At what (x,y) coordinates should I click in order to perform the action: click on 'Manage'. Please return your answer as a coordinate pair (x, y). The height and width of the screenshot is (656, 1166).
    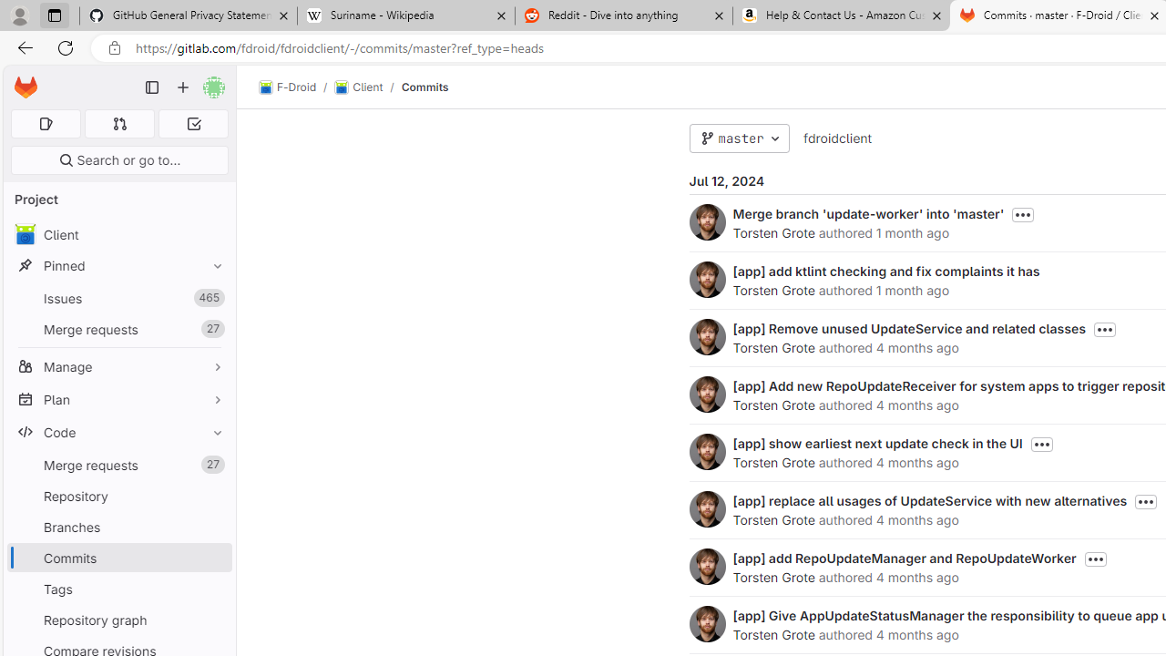
    Looking at the image, I should click on (118, 366).